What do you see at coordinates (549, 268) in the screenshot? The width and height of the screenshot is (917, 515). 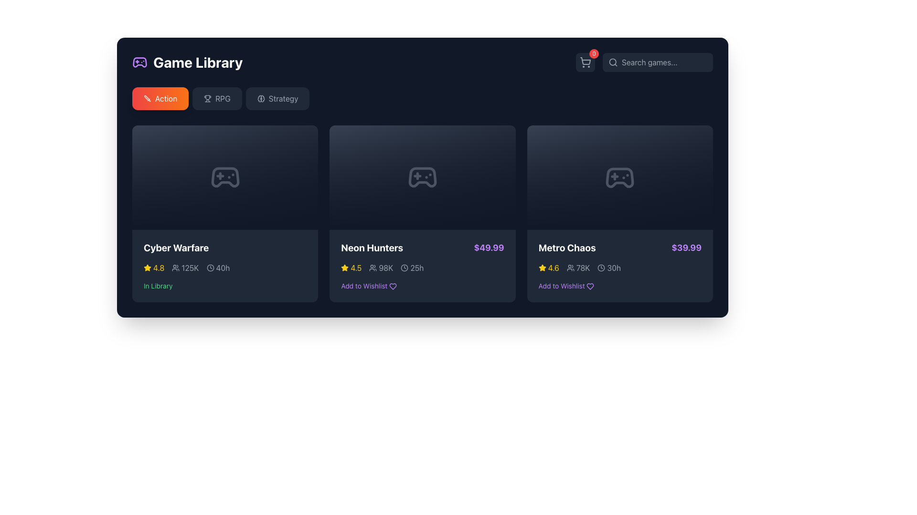 I see `the yellow star icon displaying the rating '4.6' located in the middle-bottom section of the third card from the left, just below the title 'Metro Chaos'` at bounding box center [549, 268].